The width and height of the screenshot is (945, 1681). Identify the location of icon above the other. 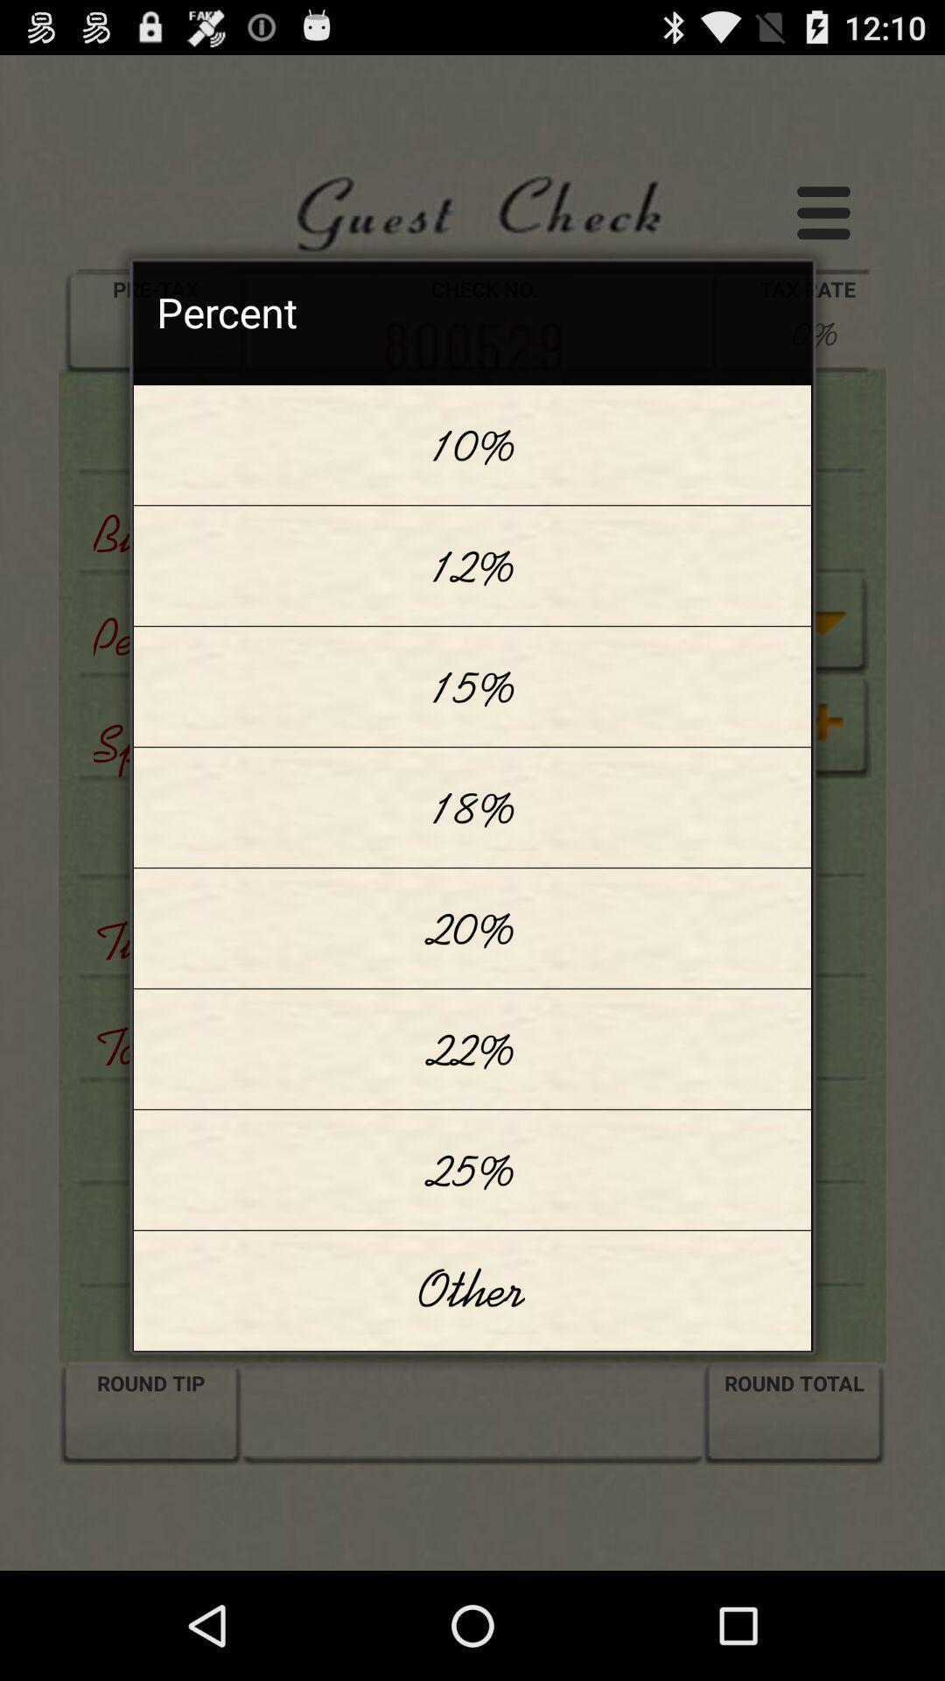
(472, 1170).